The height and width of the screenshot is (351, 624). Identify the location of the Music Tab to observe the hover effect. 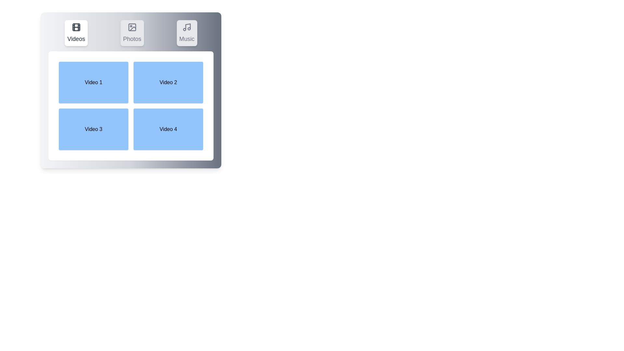
(187, 33).